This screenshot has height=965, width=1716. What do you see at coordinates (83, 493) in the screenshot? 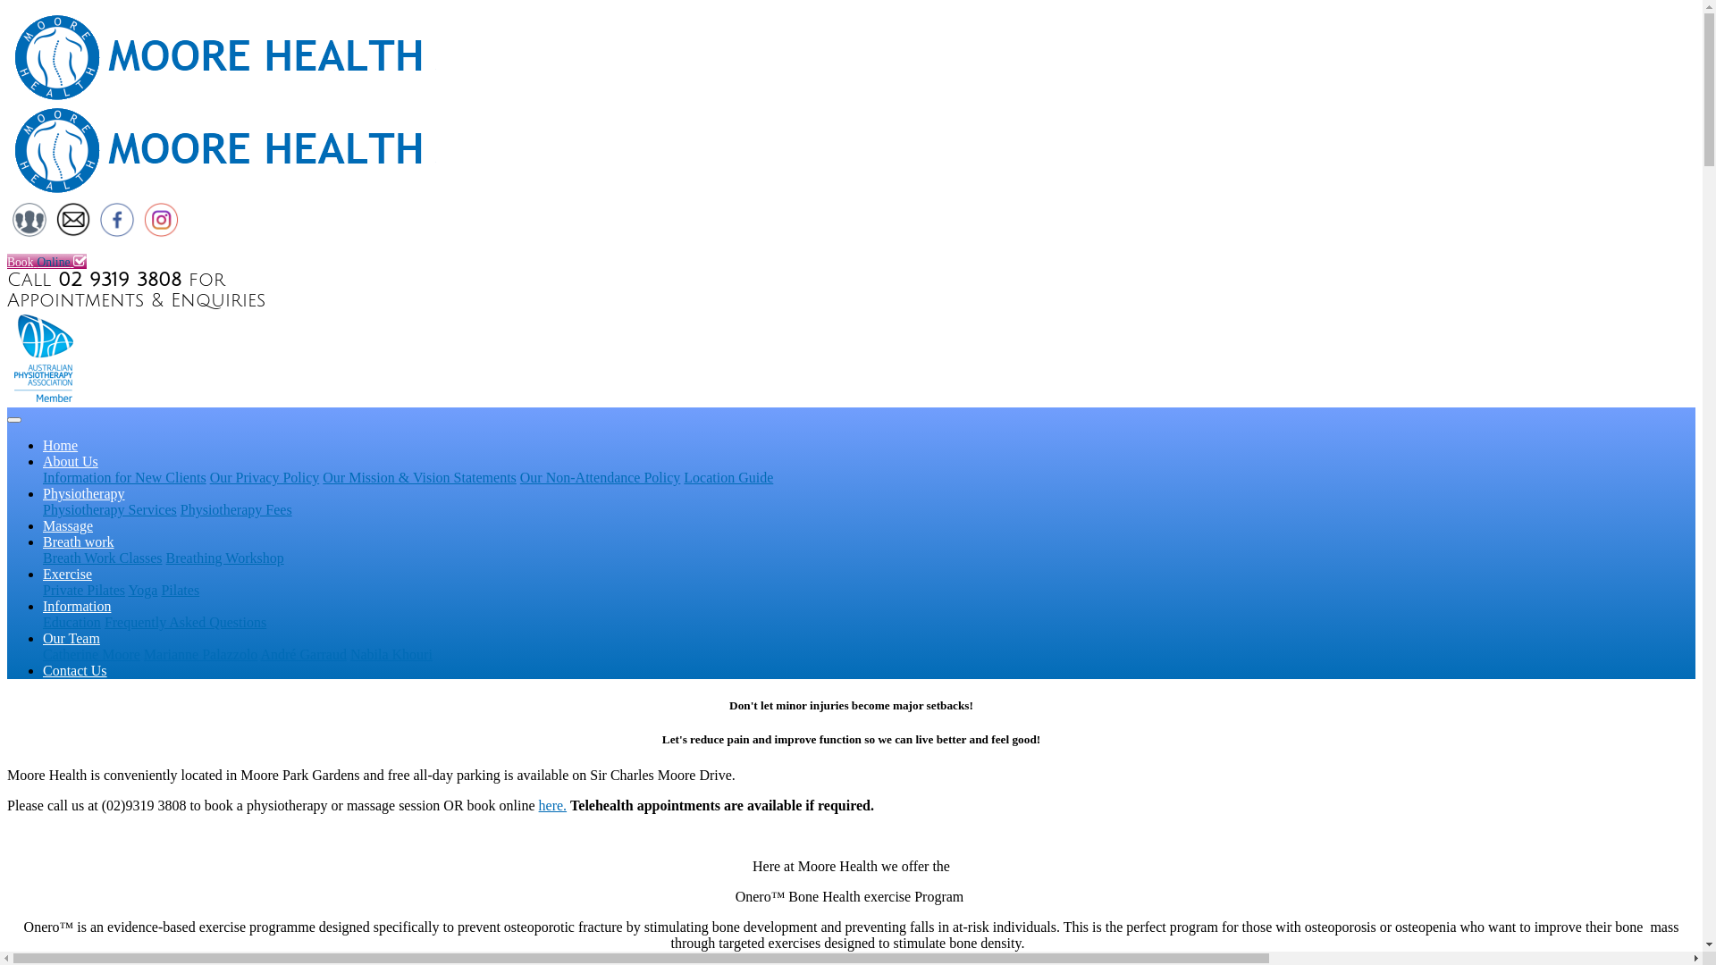
I see `'Physiotherapy'` at bounding box center [83, 493].